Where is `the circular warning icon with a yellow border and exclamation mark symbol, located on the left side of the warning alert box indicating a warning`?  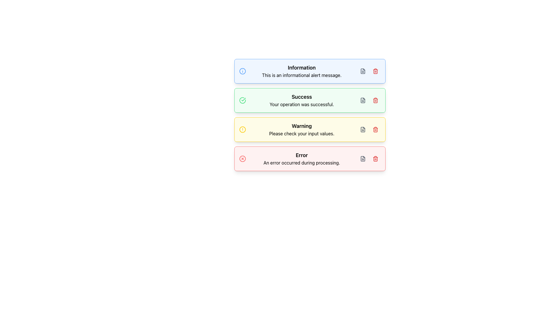
the circular warning icon with a yellow border and exclamation mark symbol, located on the left side of the warning alert box indicating a warning is located at coordinates (242, 129).